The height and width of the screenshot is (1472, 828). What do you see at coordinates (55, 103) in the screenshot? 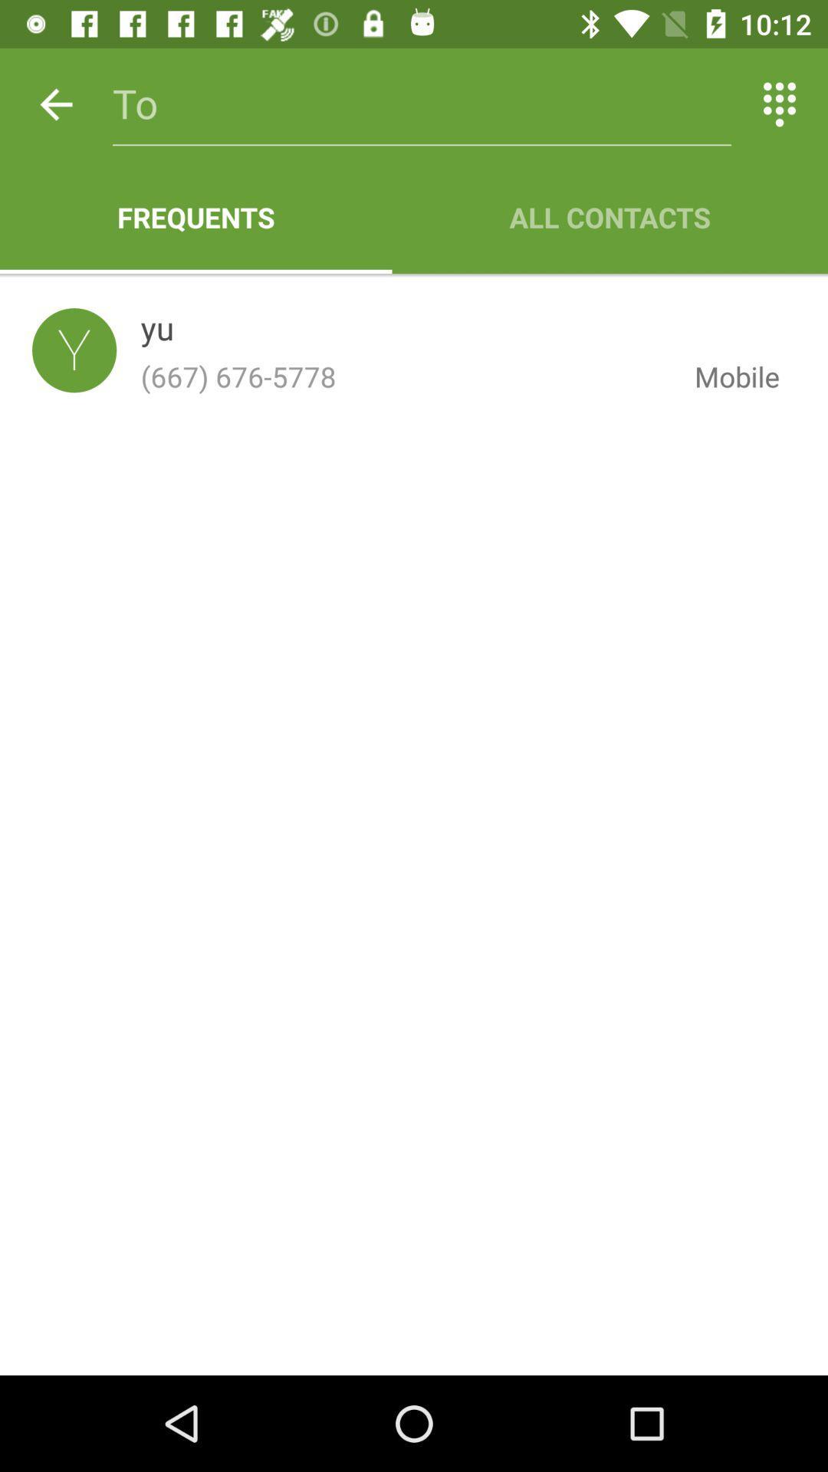
I see `app above the frequents item` at bounding box center [55, 103].